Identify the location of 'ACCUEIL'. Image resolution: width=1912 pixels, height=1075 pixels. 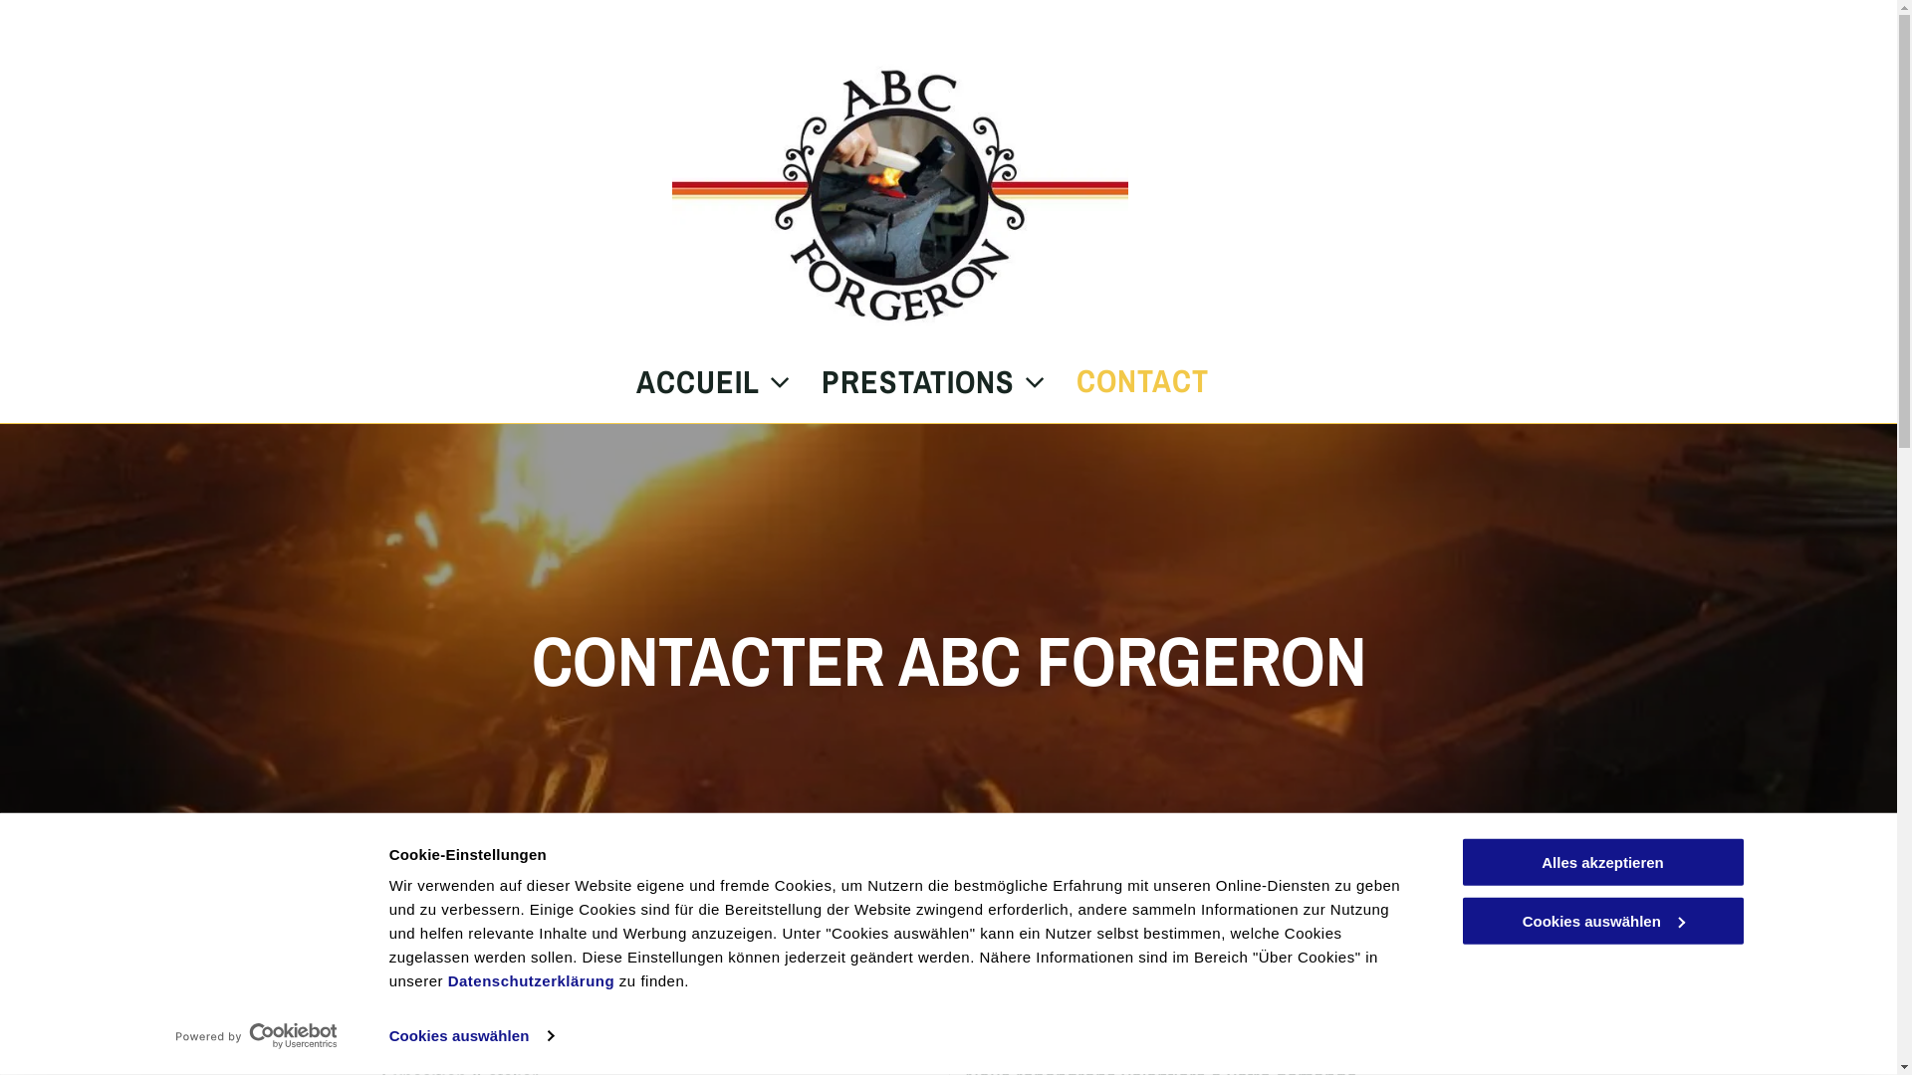
(698, 382).